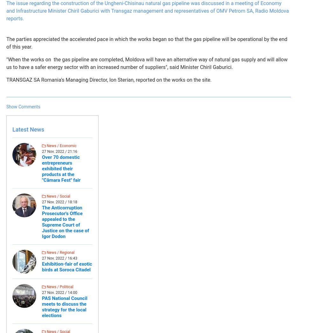 The image size is (318, 333). Describe the element at coordinates (59, 292) in the screenshot. I see `'27 Nov. 2022 / 14:00'` at that location.